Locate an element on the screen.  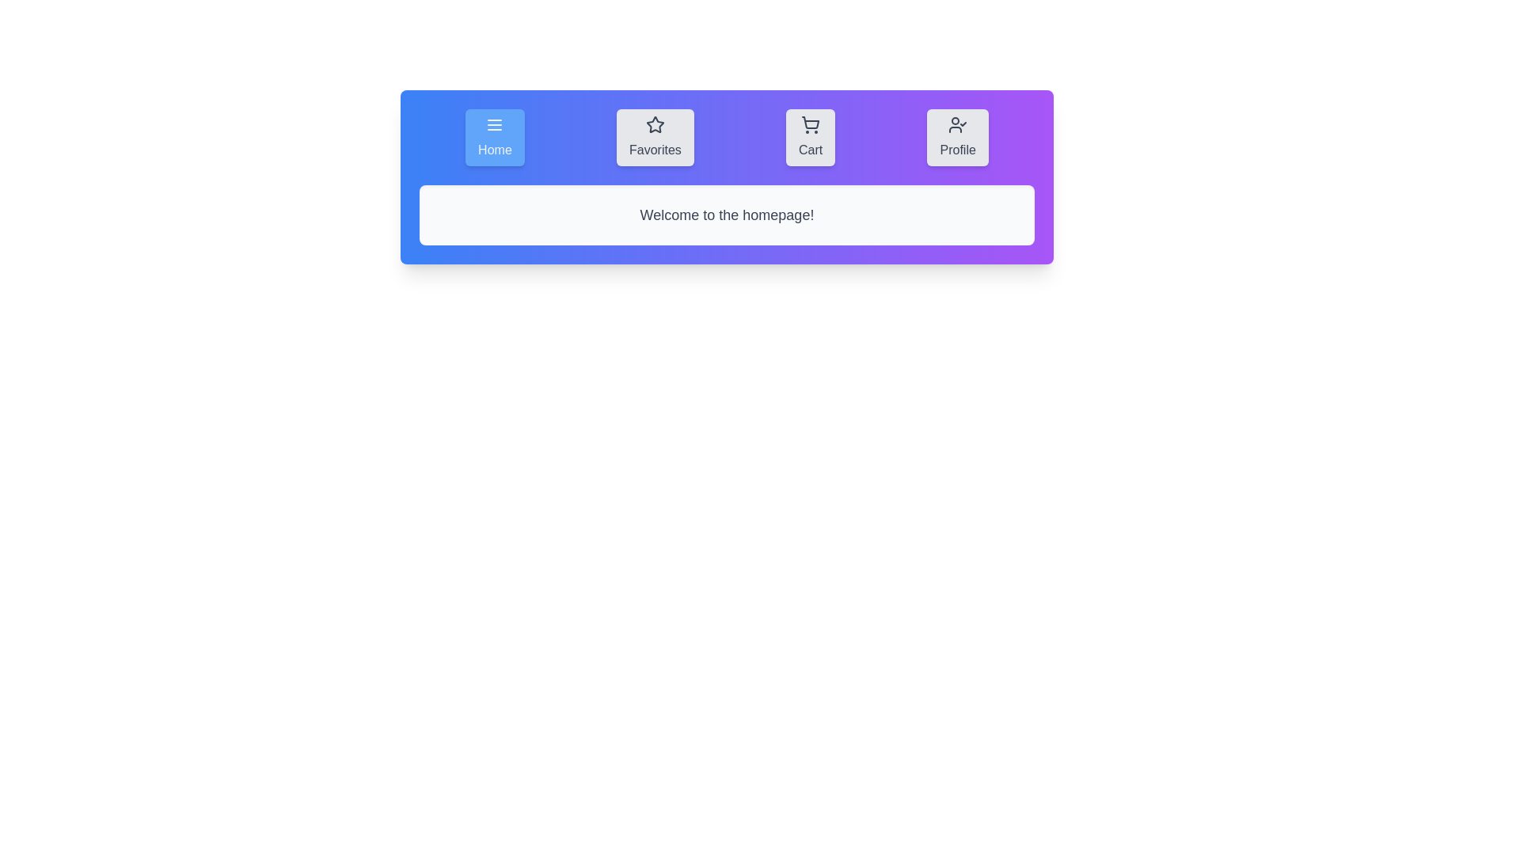
the 'Home' icon located in the top navigation bar is located at coordinates (493, 124).